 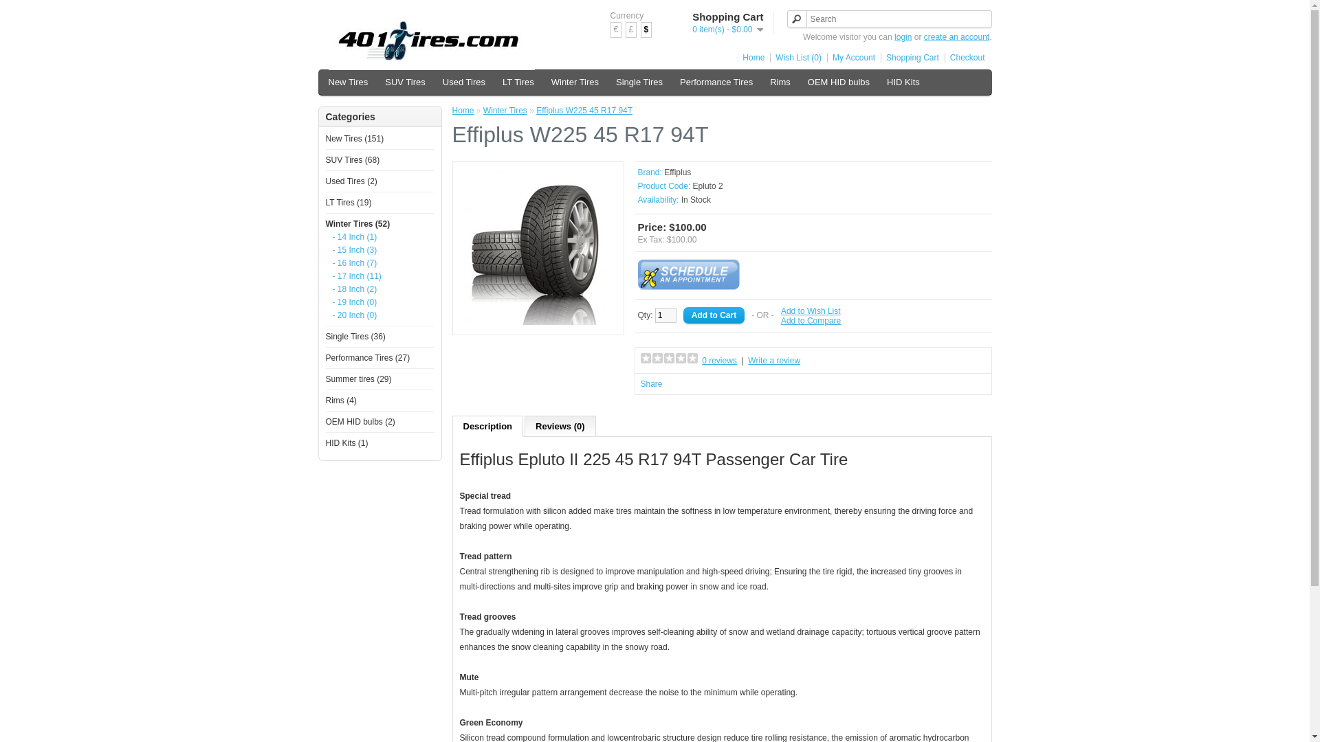 I want to click on 'LT Tires', so click(x=517, y=82).